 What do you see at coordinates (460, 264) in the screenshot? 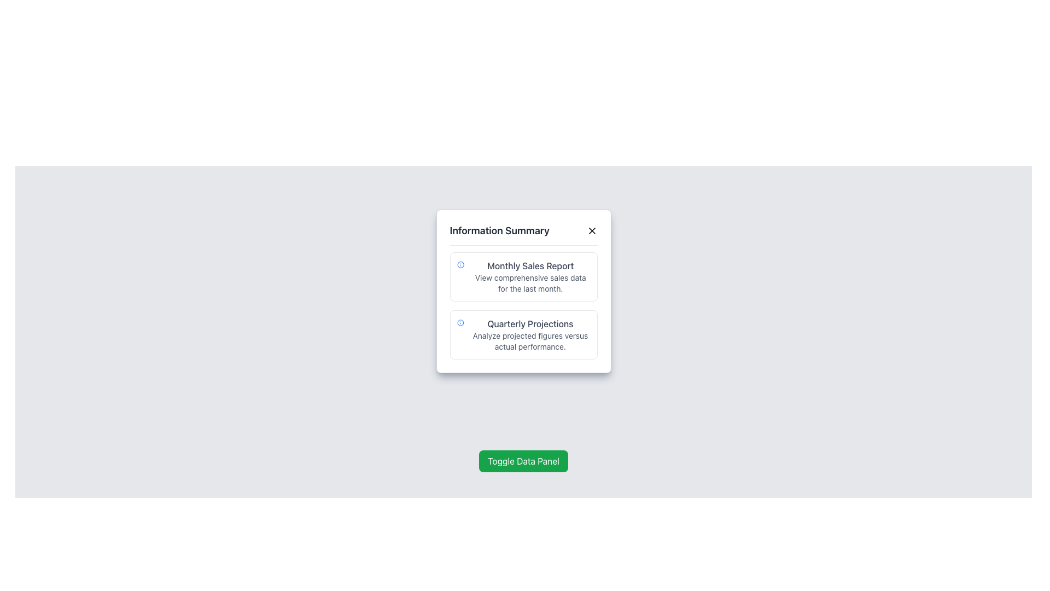
I see `the informational icon located to the left of the 'Monthly Sales Report' section, which provides additional information about the report` at bounding box center [460, 264].